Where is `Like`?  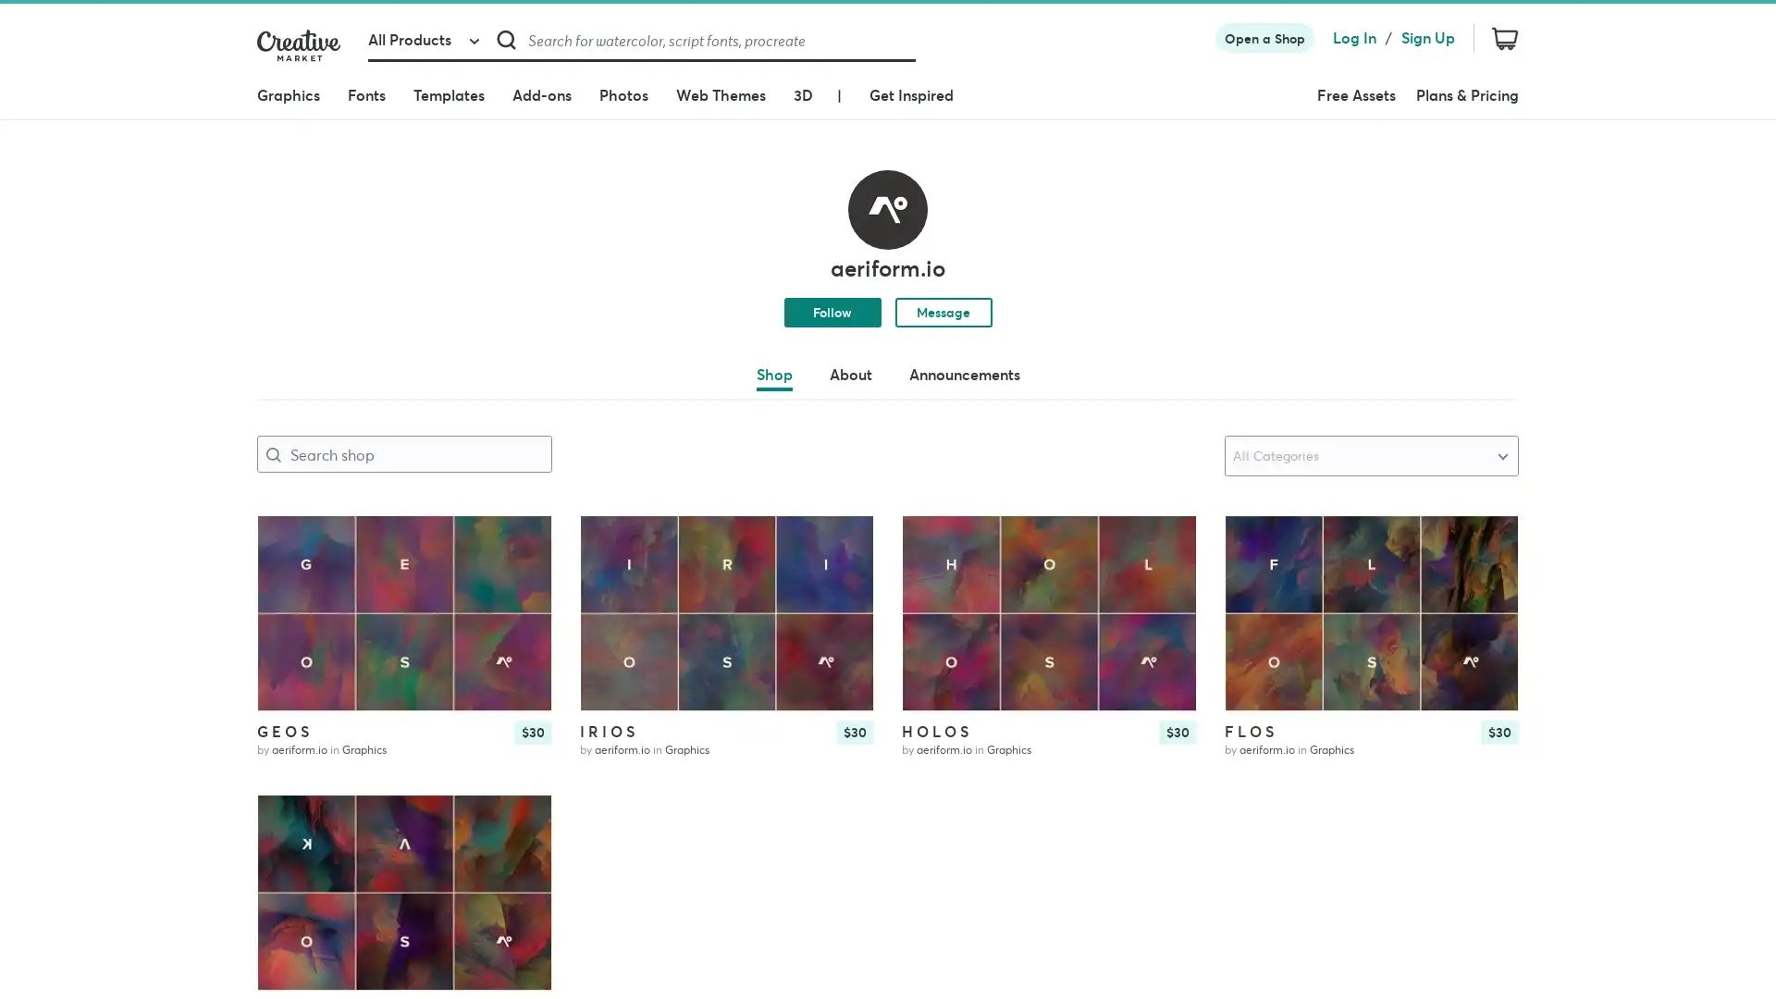
Like is located at coordinates (843, 542).